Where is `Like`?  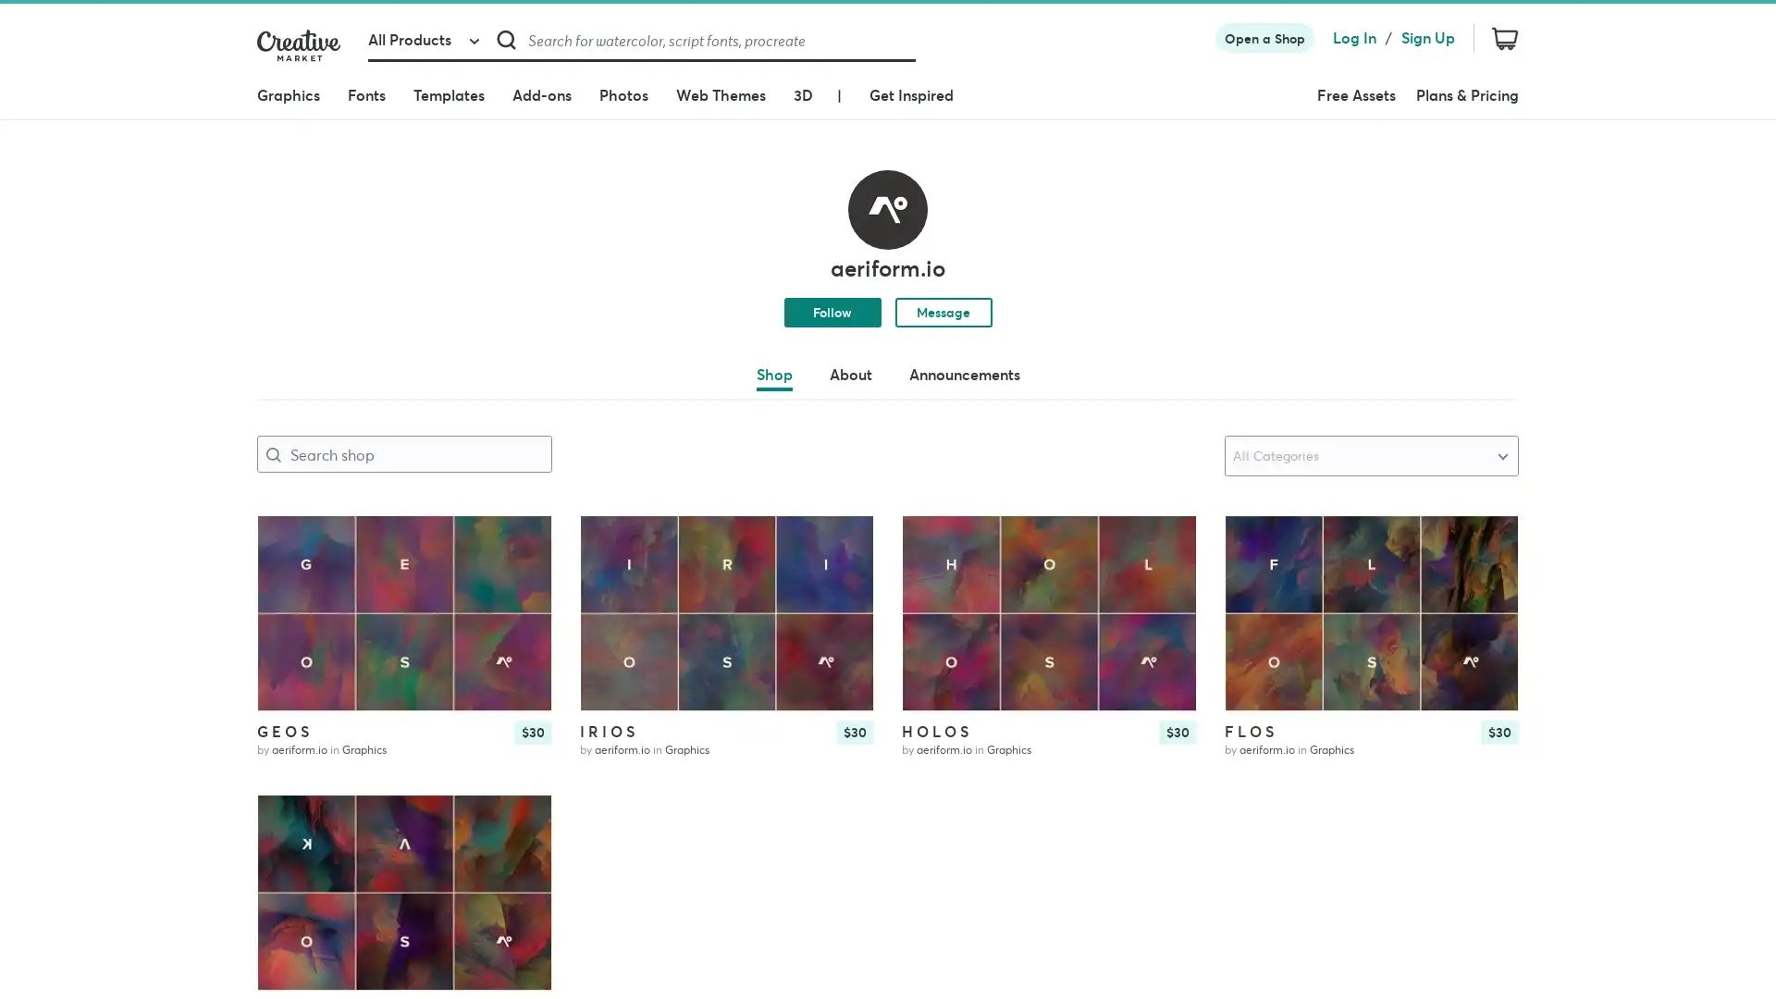
Like is located at coordinates (843, 542).